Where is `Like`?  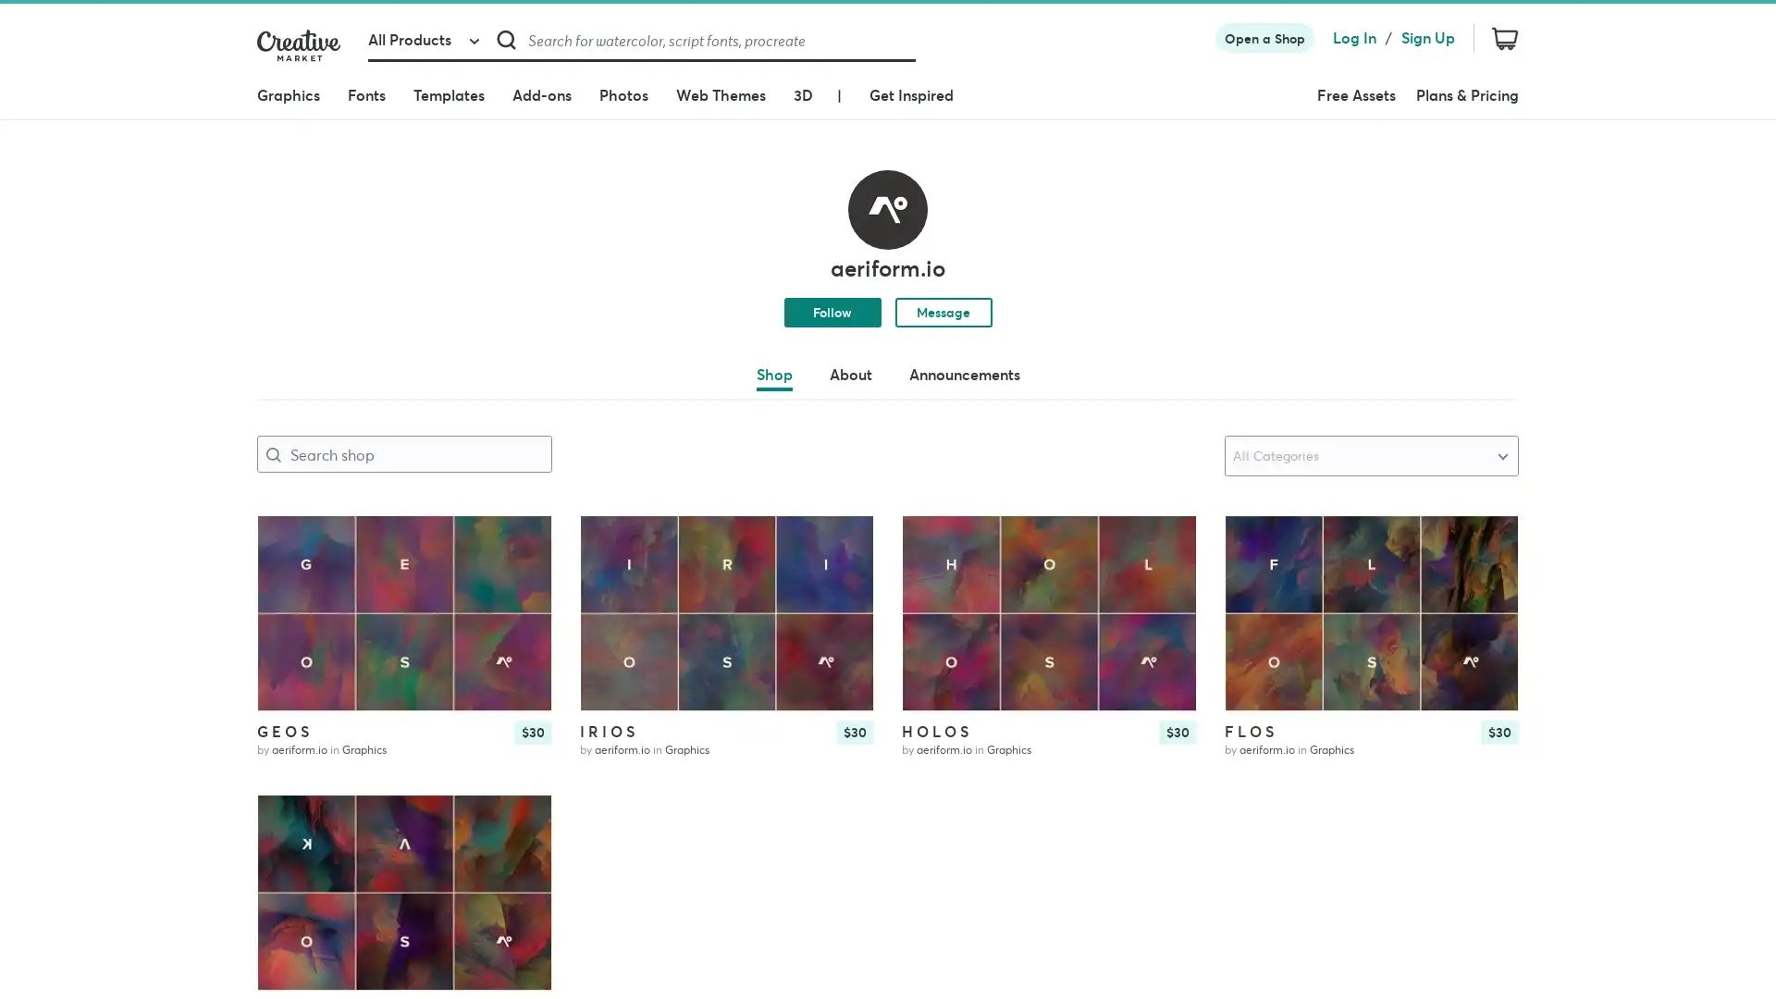
Like is located at coordinates (843, 542).